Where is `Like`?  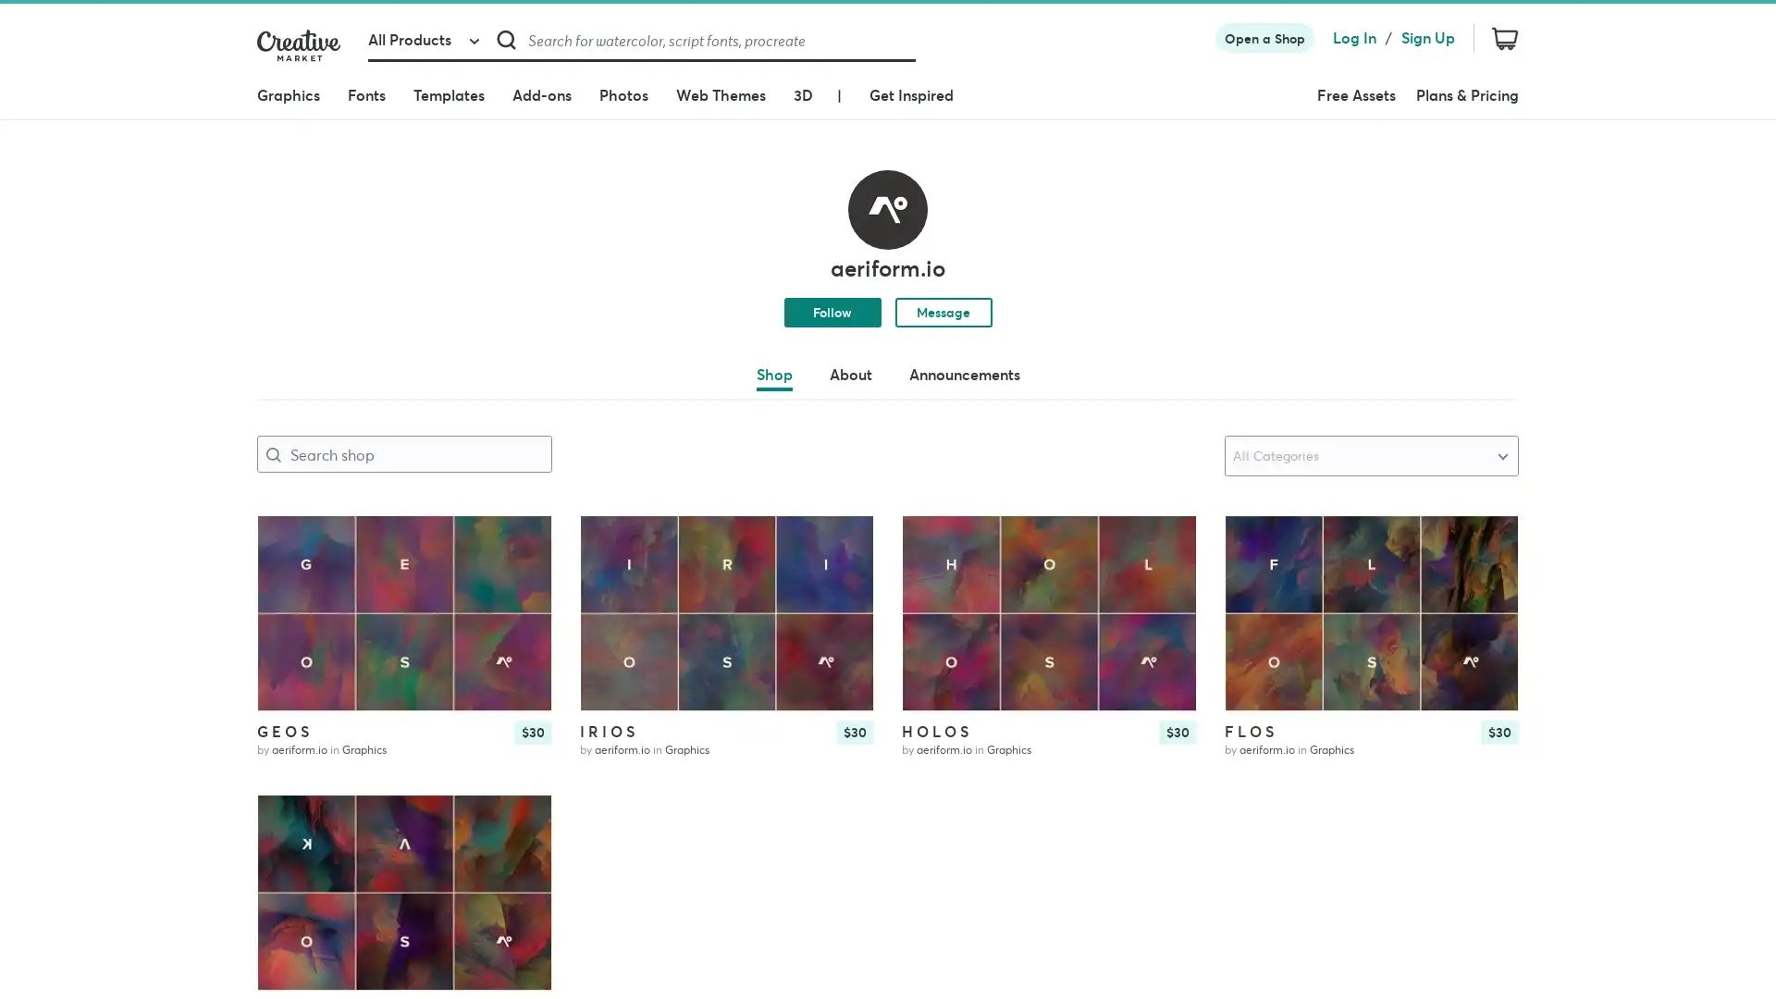
Like is located at coordinates (843, 542).